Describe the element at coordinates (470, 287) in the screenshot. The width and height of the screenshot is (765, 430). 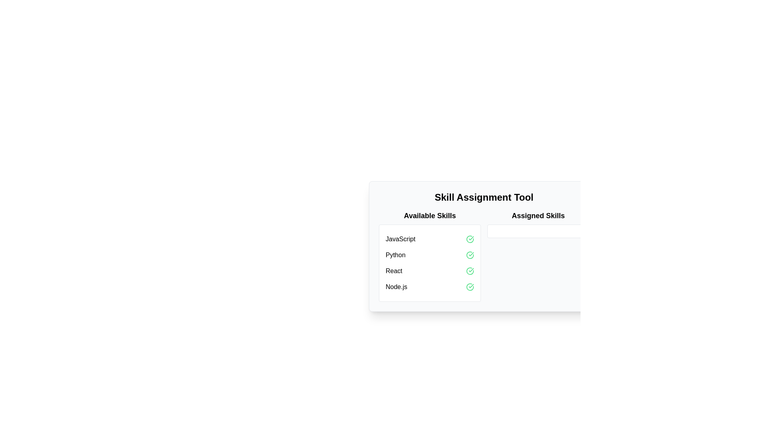
I see `the circular green icon with a checkmark indicating completion, located adjacent to the 'Node.js' label in the 'Available Skills' section` at that location.